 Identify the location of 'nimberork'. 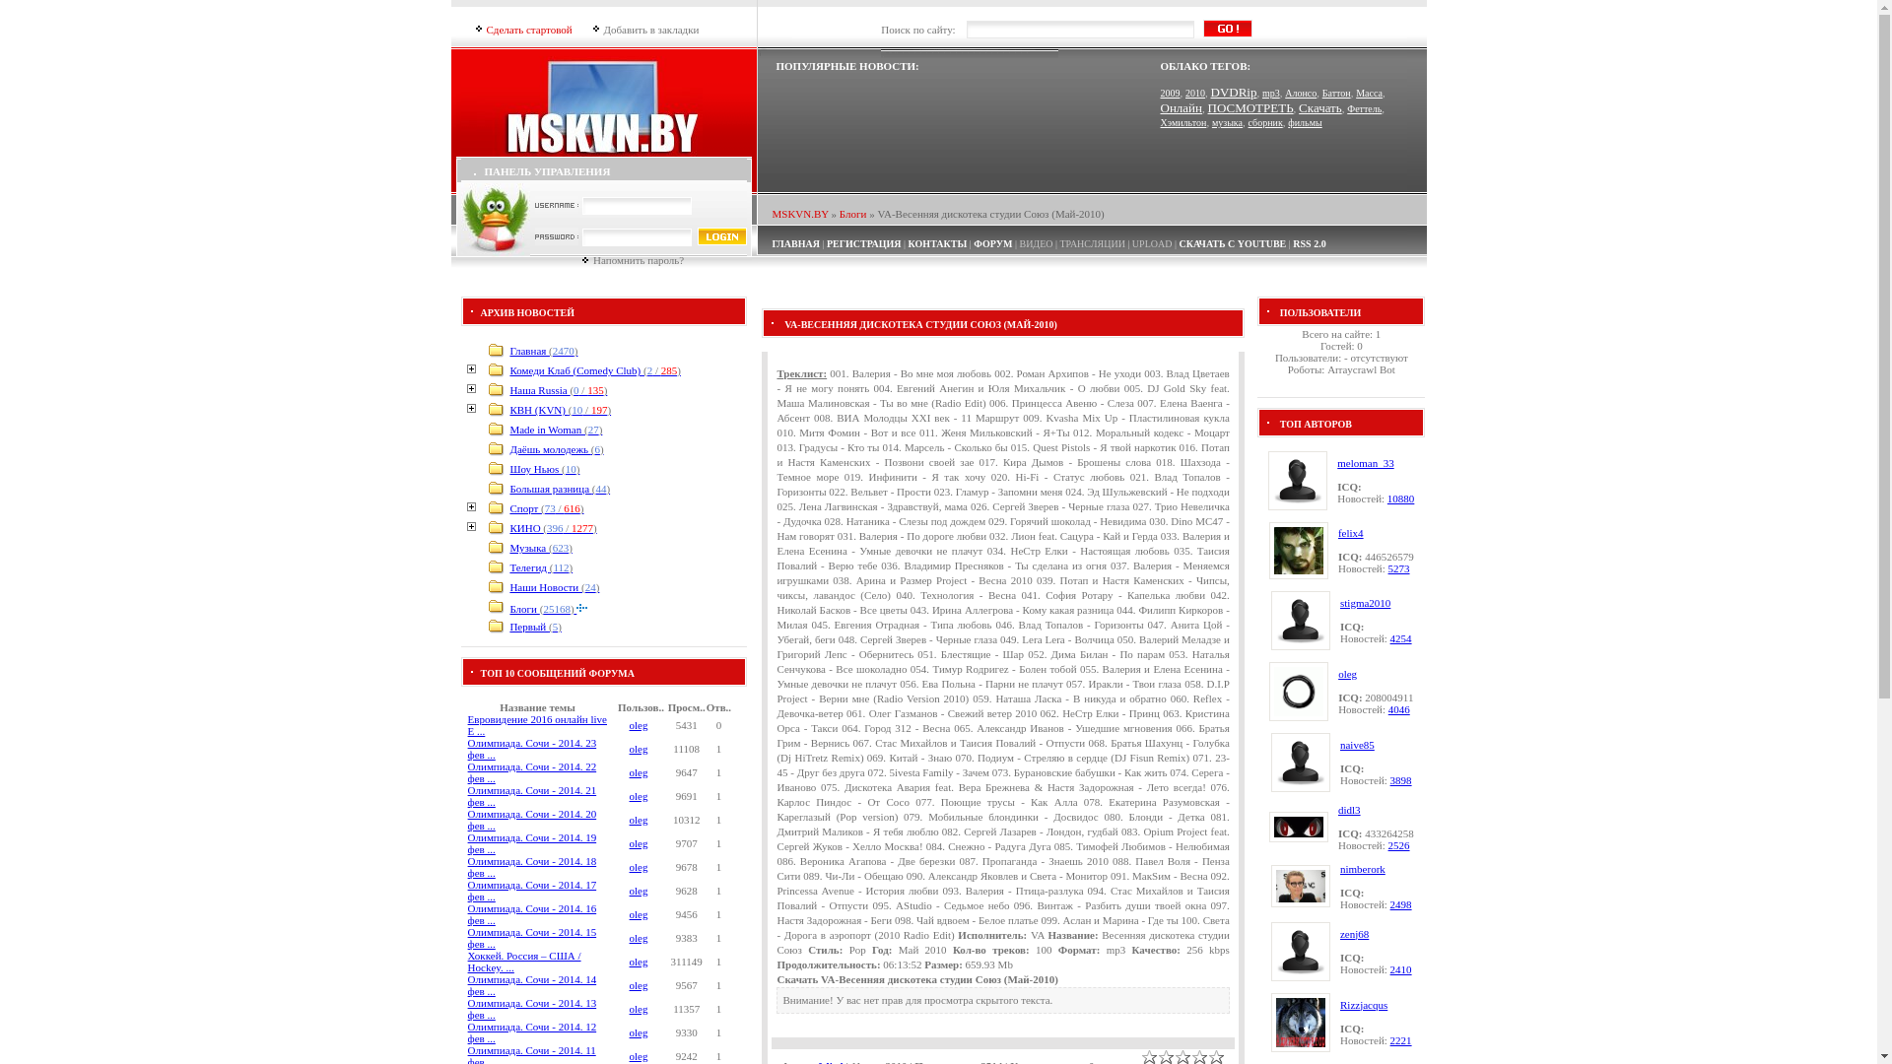
(1361, 868).